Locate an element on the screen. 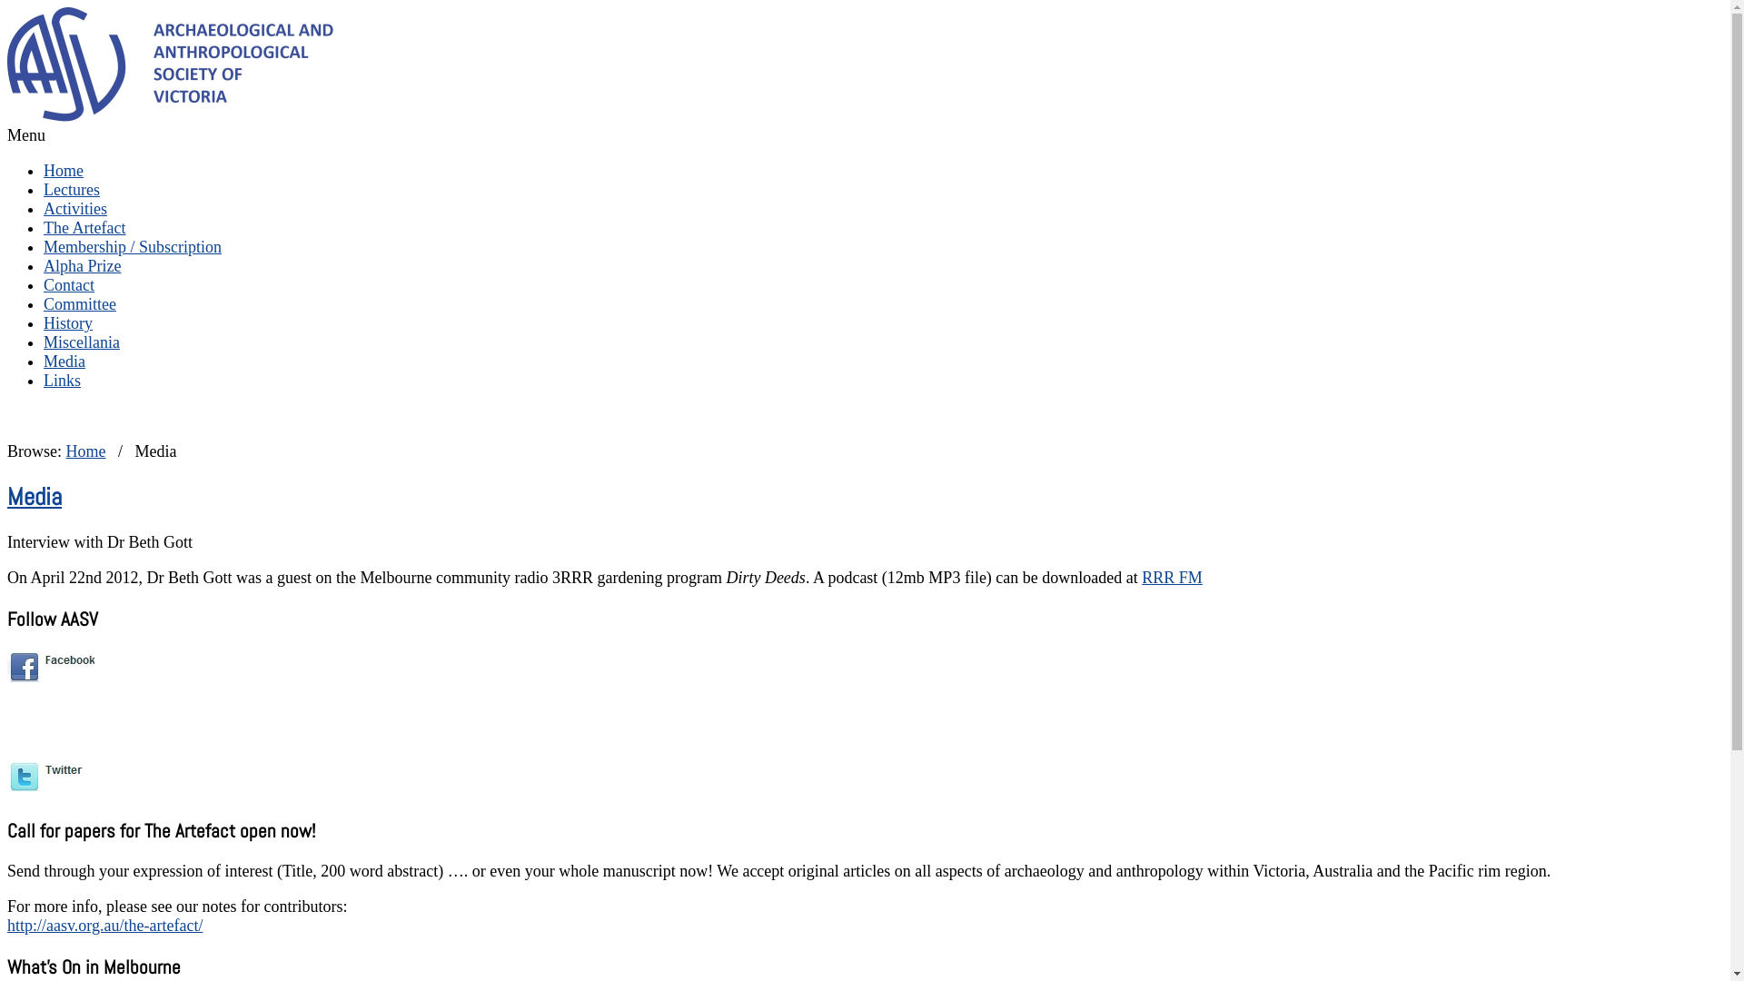 The image size is (1744, 981). 'The Artefact' is located at coordinates (83, 226).